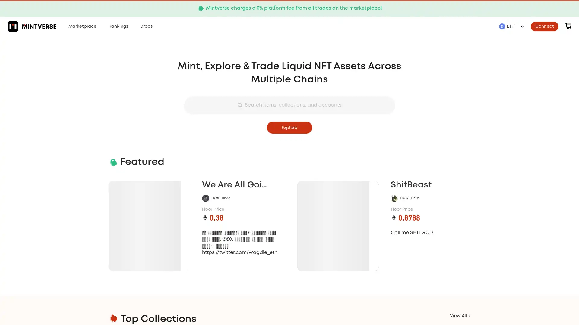  I want to click on Explore, so click(289, 127).